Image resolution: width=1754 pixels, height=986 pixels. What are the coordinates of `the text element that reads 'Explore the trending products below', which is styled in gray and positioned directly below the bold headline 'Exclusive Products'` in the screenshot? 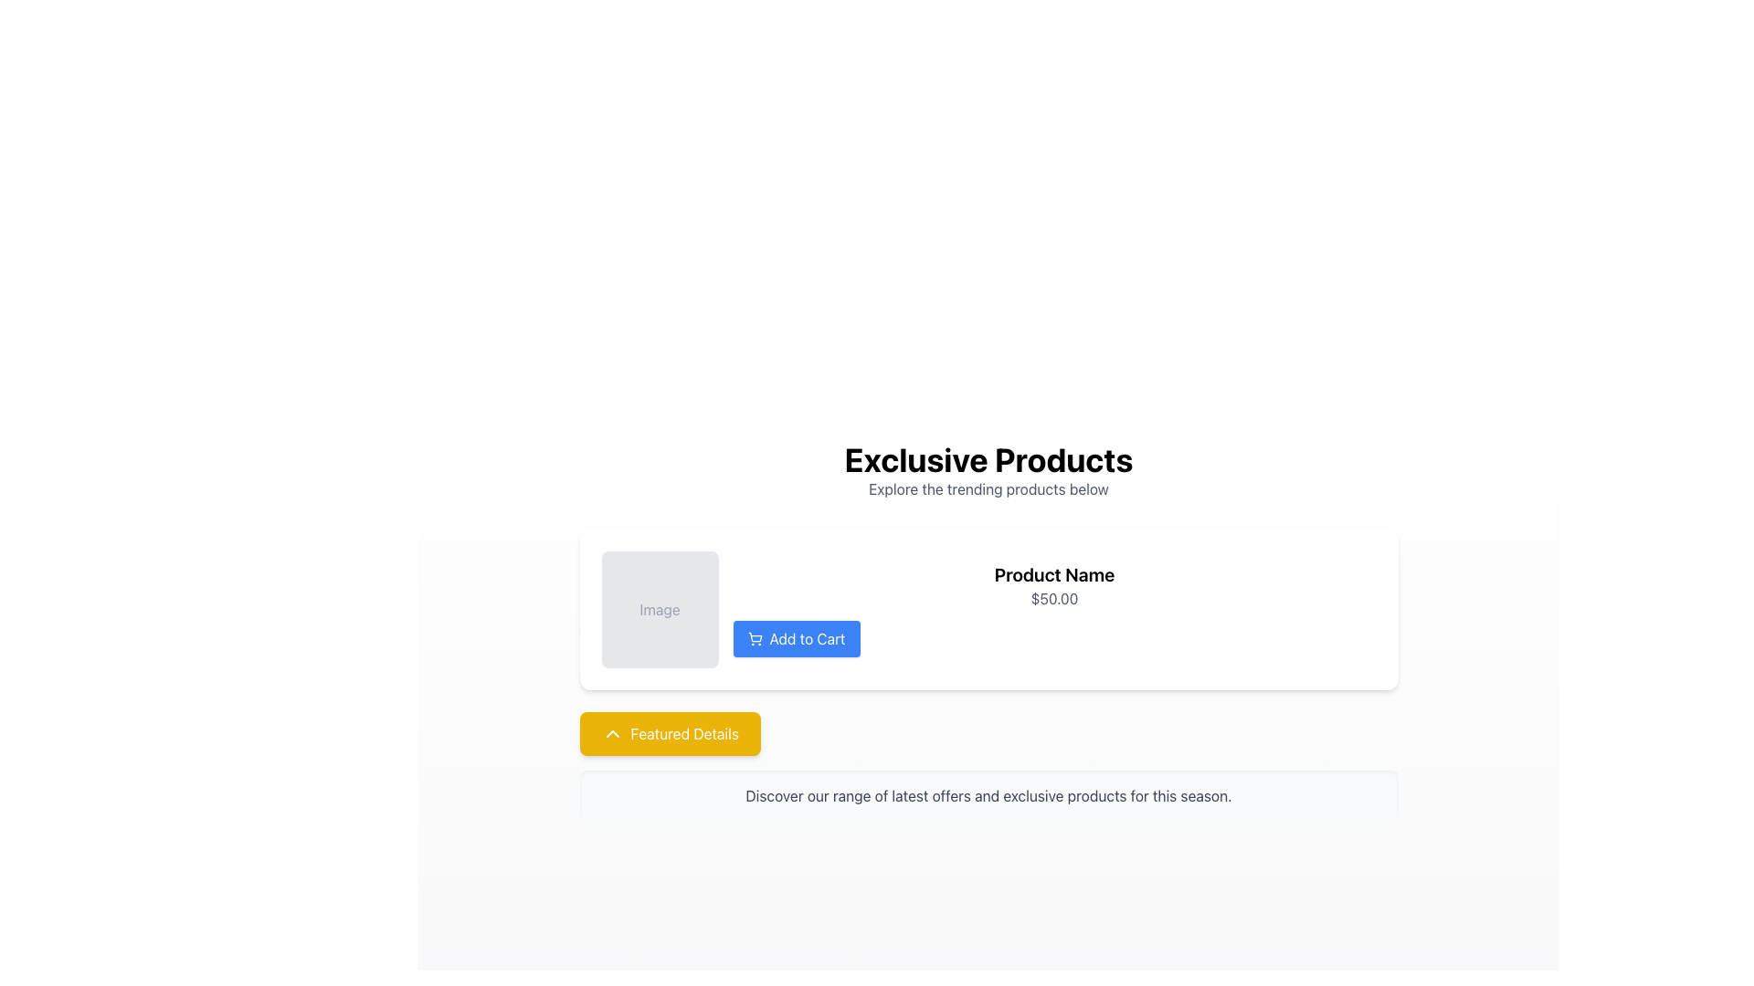 It's located at (988, 488).